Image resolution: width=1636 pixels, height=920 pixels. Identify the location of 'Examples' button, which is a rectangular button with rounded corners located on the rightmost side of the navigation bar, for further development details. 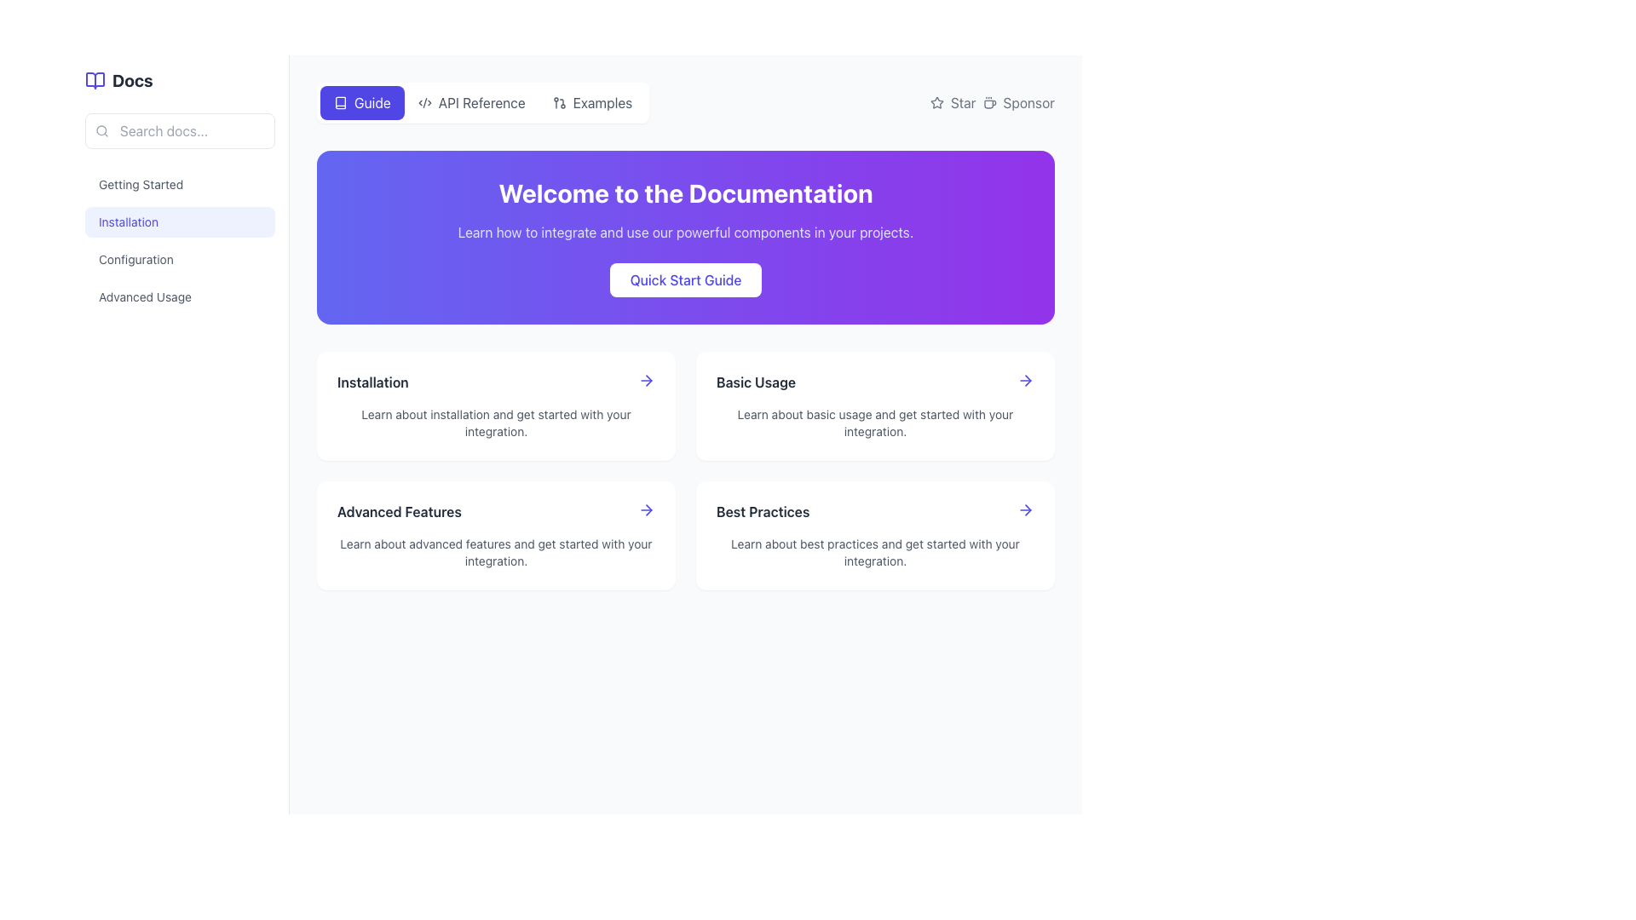
(592, 102).